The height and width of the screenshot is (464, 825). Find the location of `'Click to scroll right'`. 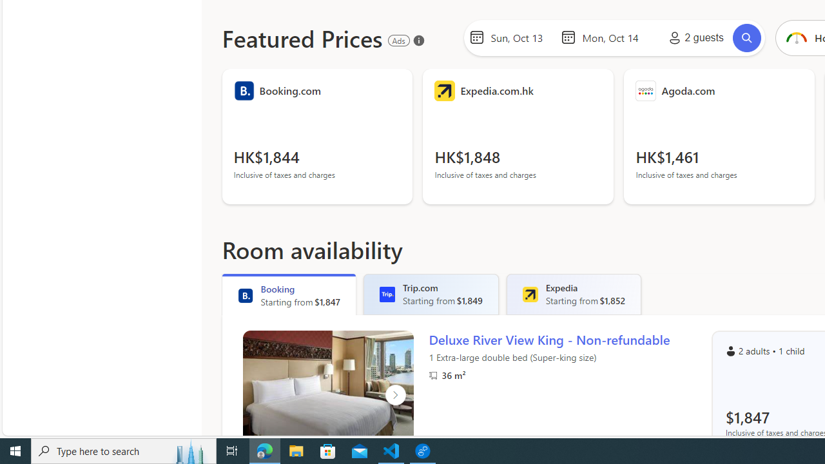

'Click to scroll right' is located at coordinates (394, 394).